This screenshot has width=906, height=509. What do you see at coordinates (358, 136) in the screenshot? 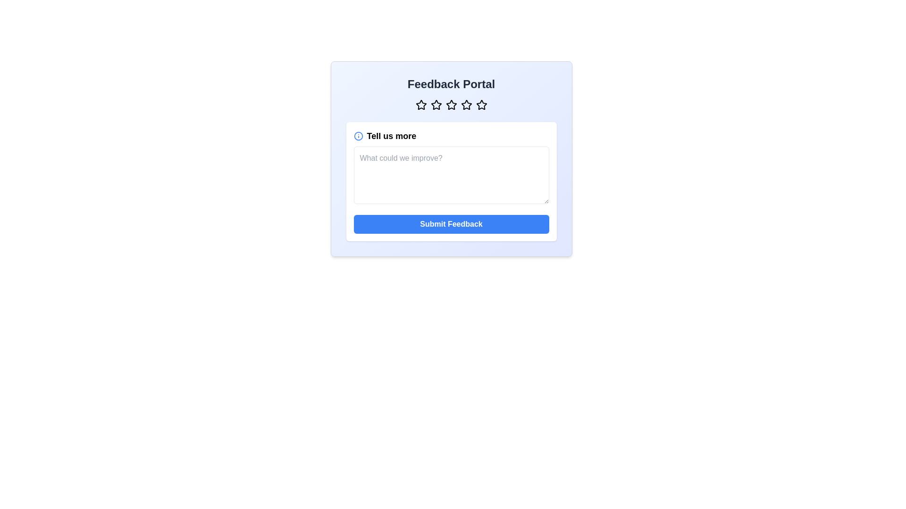
I see `the circular blue outlined icon with a blue exclamation mark, located next to the text 'Tell us more'` at bounding box center [358, 136].